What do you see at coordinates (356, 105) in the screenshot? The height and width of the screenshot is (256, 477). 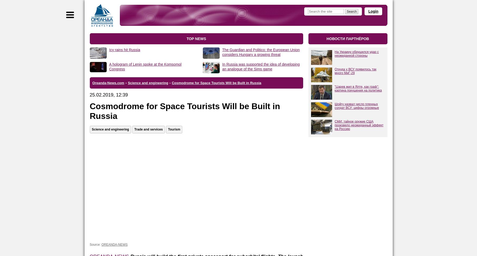 I see `'Шойгу назвал число пленных солдат ВСУ: цифры огромные'` at bounding box center [356, 105].